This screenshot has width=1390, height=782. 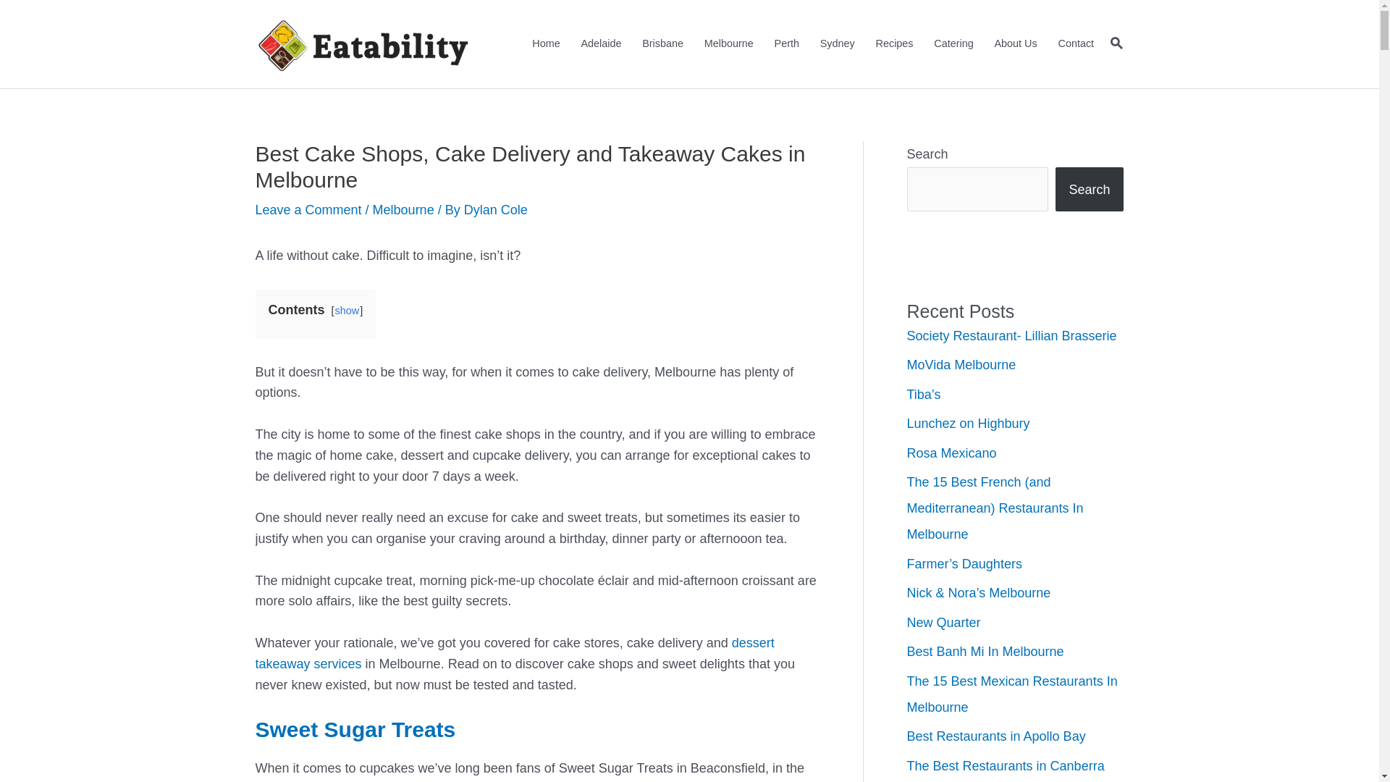 What do you see at coordinates (601, 43) in the screenshot?
I see `'Adelaide'` at bounding box center [601, 43].